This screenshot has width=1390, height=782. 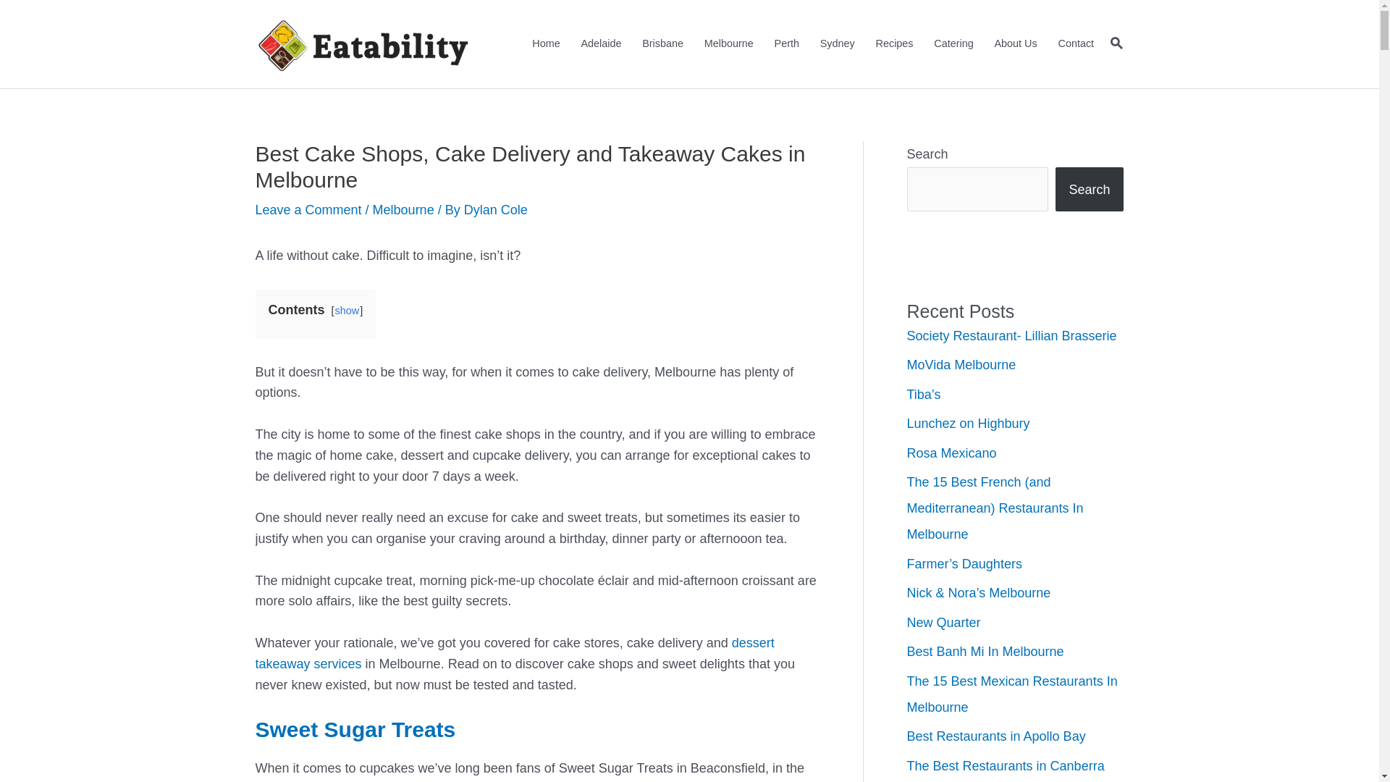 What do you see at coordinates (601, 43) in the screenshot?
I see `'Adelaide'` at bounding box center [601, 43].